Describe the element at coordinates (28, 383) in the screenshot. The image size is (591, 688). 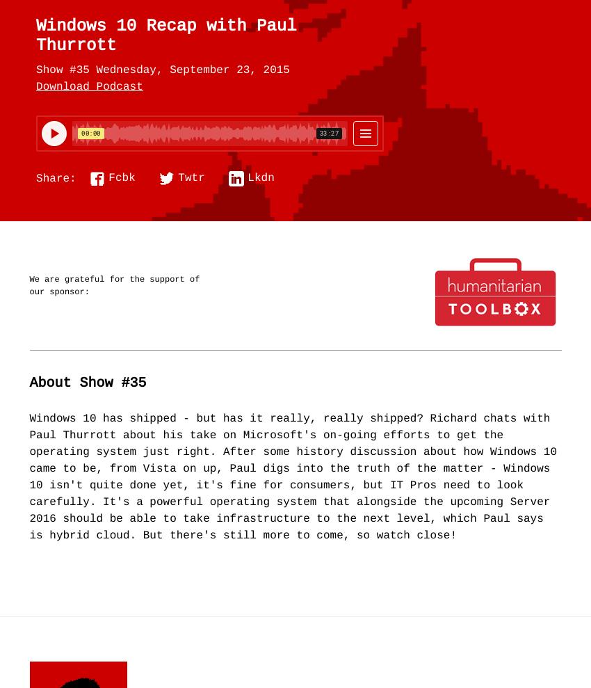
I see `'About Show #35'` at that location.